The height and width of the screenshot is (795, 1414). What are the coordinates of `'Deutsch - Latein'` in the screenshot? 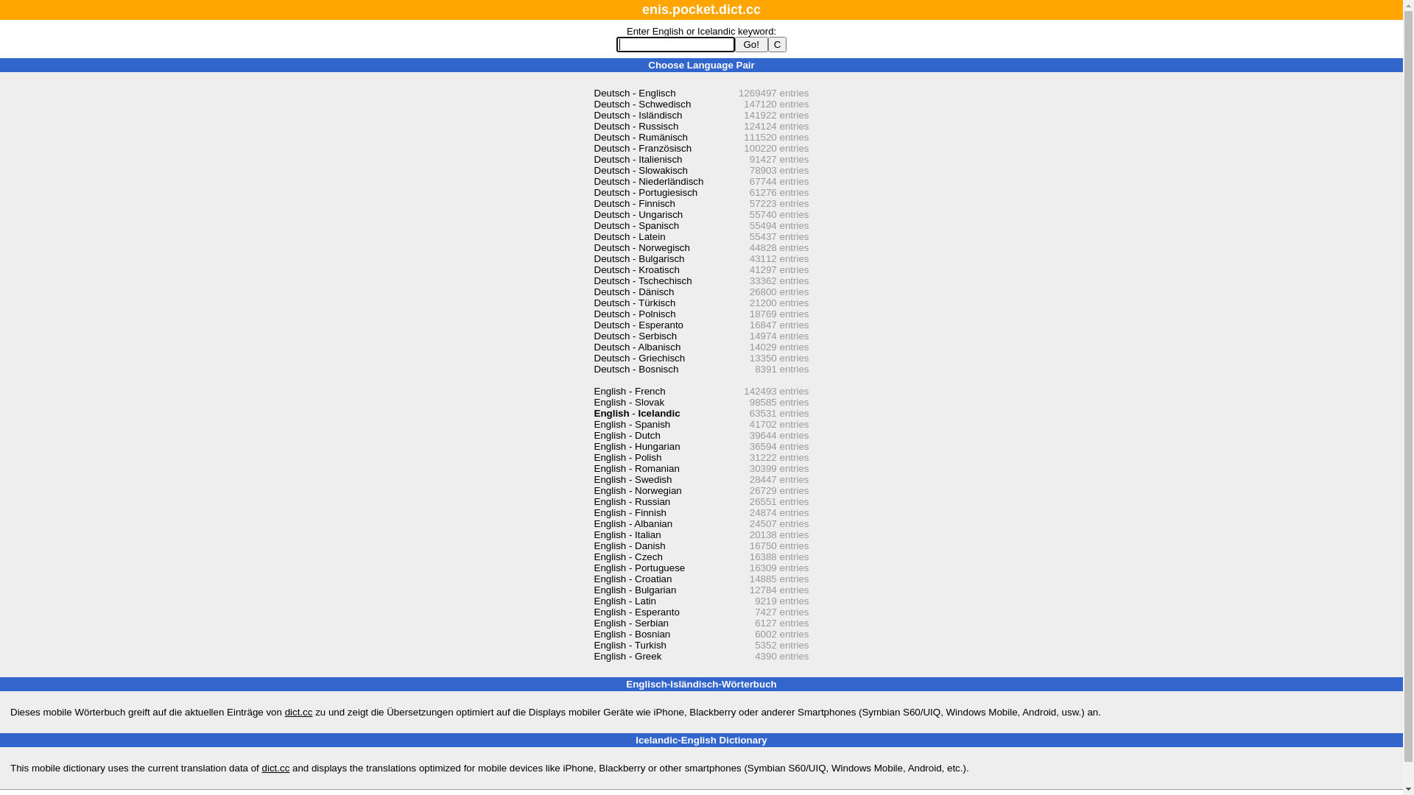 It's located at (629, 236).